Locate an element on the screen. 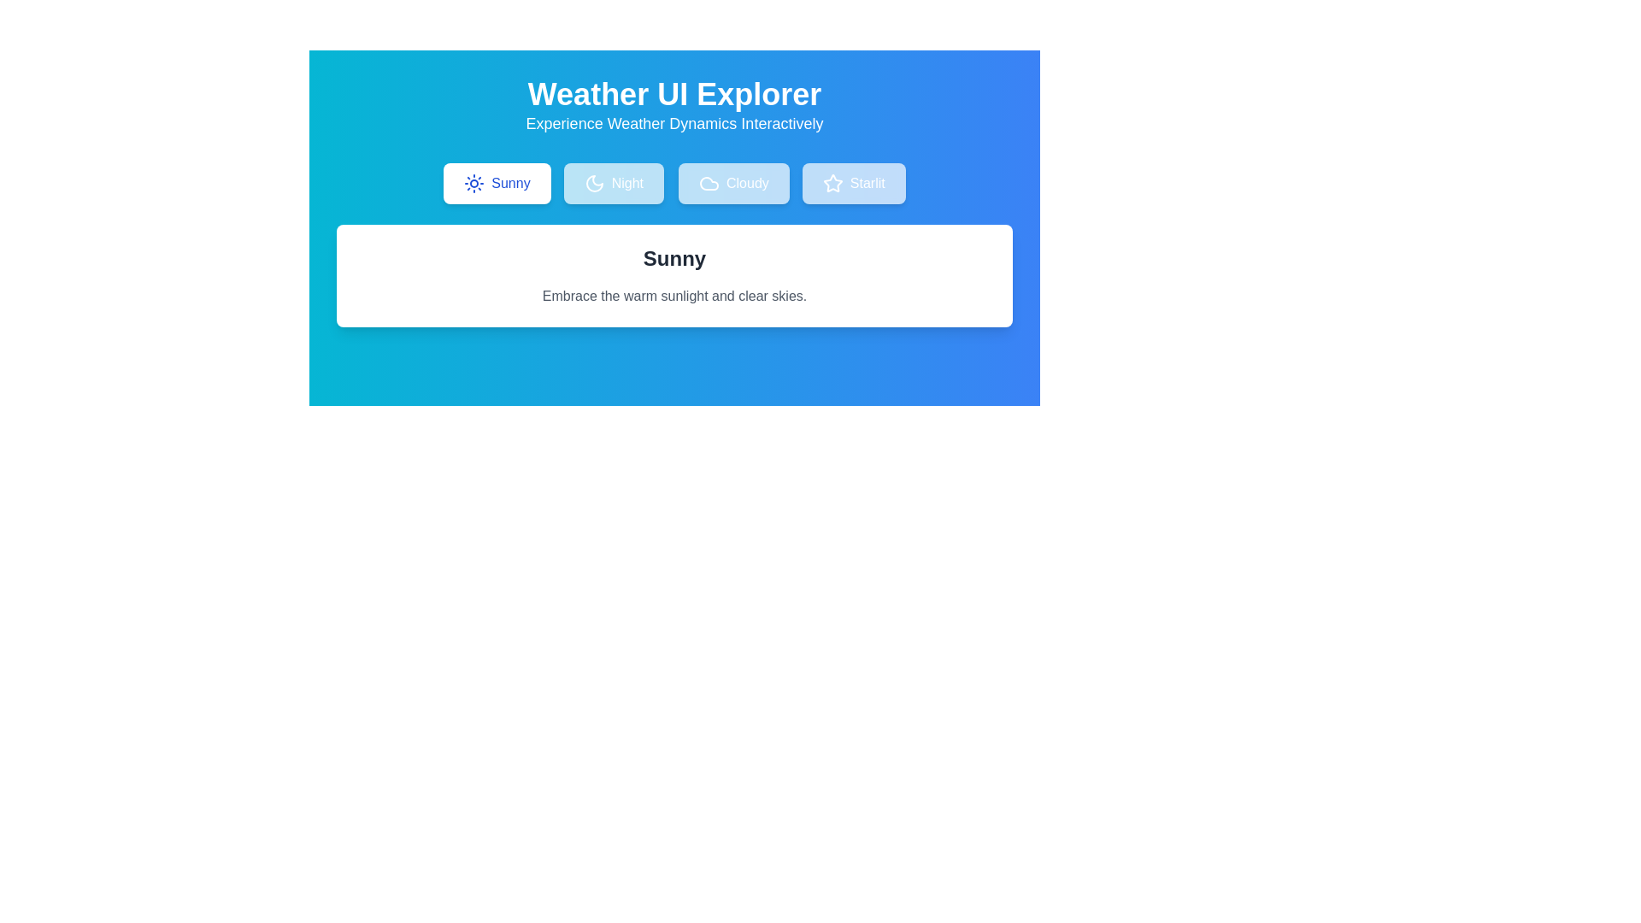 Image resolution: width=1641 pixels, height=923 pixels. the Starlit weather tab is located at coordinates (854, 184).